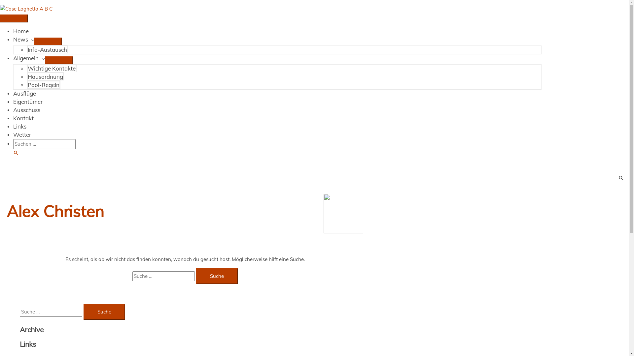 Image resolution: width=634 pixels, height=356 pixels. I want to click on 'Ausschuss', so click(26, 109).